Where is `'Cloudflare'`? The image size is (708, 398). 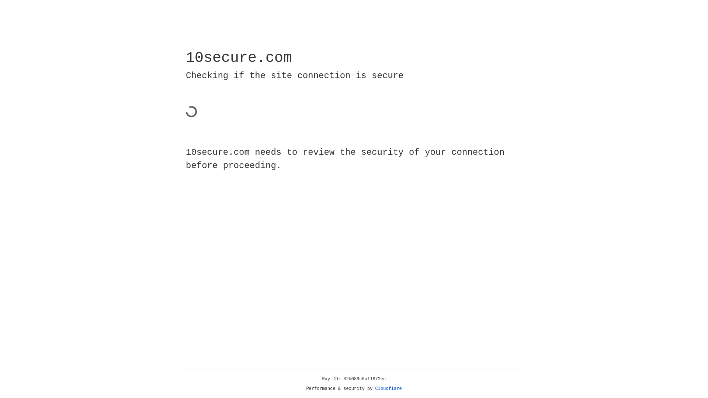
'Cloudflare' is located at coordinates (388, 388).